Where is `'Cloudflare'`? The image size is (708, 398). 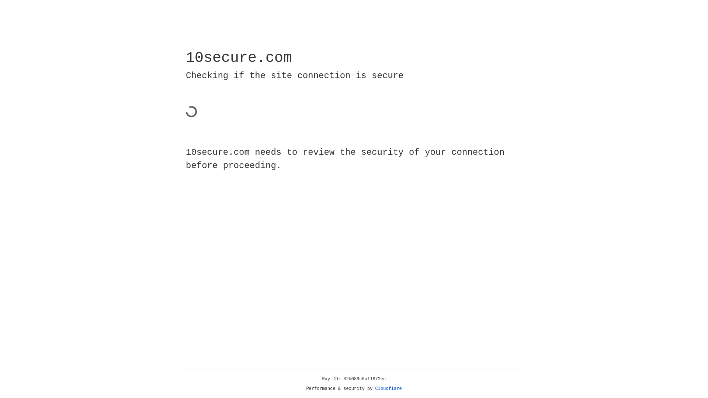
'Cloudflare' is located at coordinates (388, 388).